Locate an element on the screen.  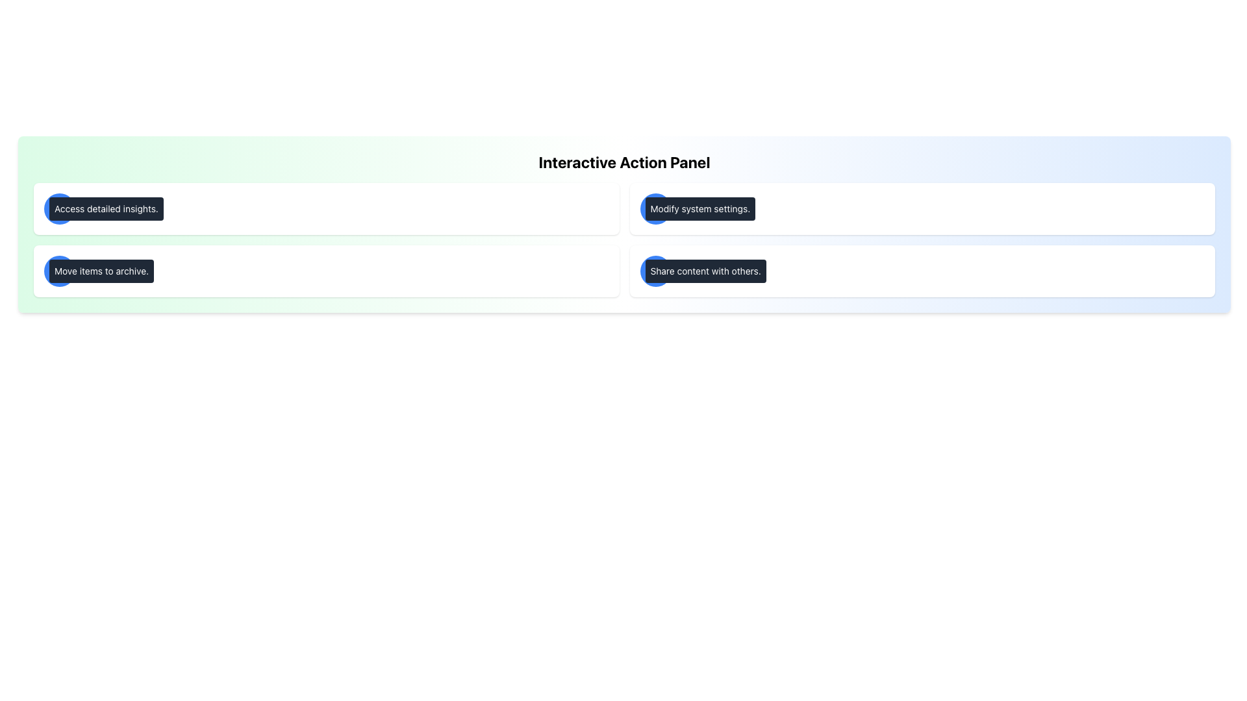
the 'Information' button in the 'Access detailed insights' panel is located at coordinates (58, 208).